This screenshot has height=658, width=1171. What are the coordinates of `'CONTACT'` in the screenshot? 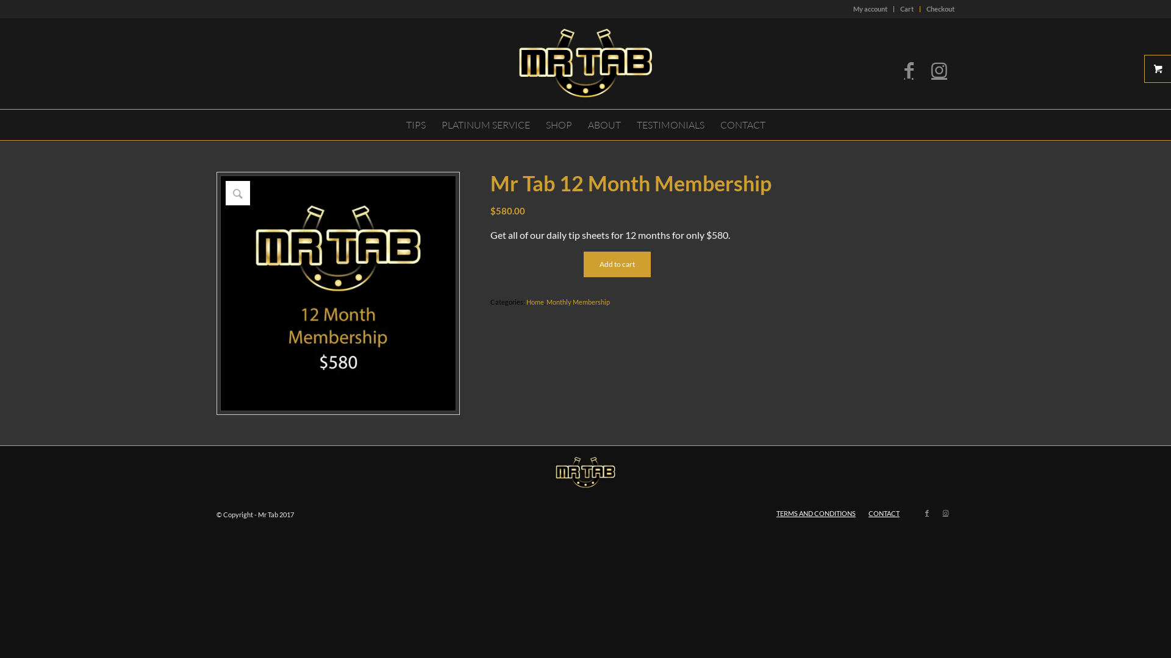 It's located at (742, 124).